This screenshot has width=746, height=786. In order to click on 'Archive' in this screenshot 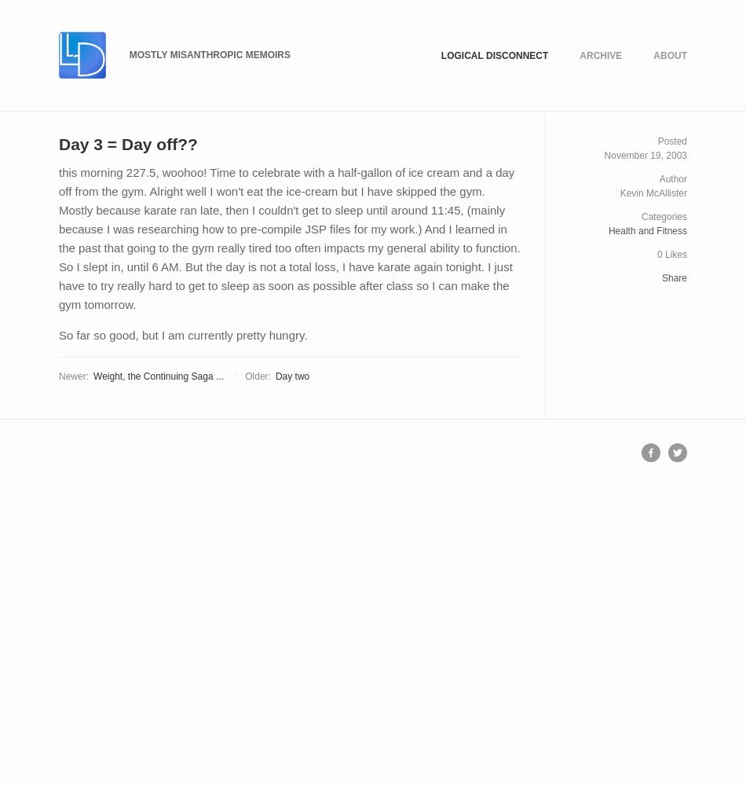, I will do `click(578, 55)`.